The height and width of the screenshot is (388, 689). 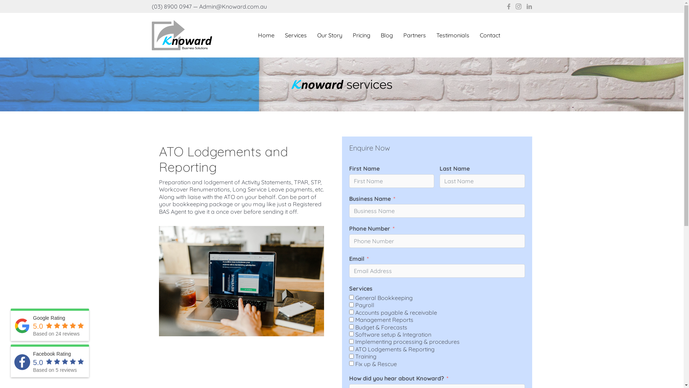 What do you see at coordinates (386, 35) in the screenshot?
I see `'Blog'` at bounding box center [386, 35].